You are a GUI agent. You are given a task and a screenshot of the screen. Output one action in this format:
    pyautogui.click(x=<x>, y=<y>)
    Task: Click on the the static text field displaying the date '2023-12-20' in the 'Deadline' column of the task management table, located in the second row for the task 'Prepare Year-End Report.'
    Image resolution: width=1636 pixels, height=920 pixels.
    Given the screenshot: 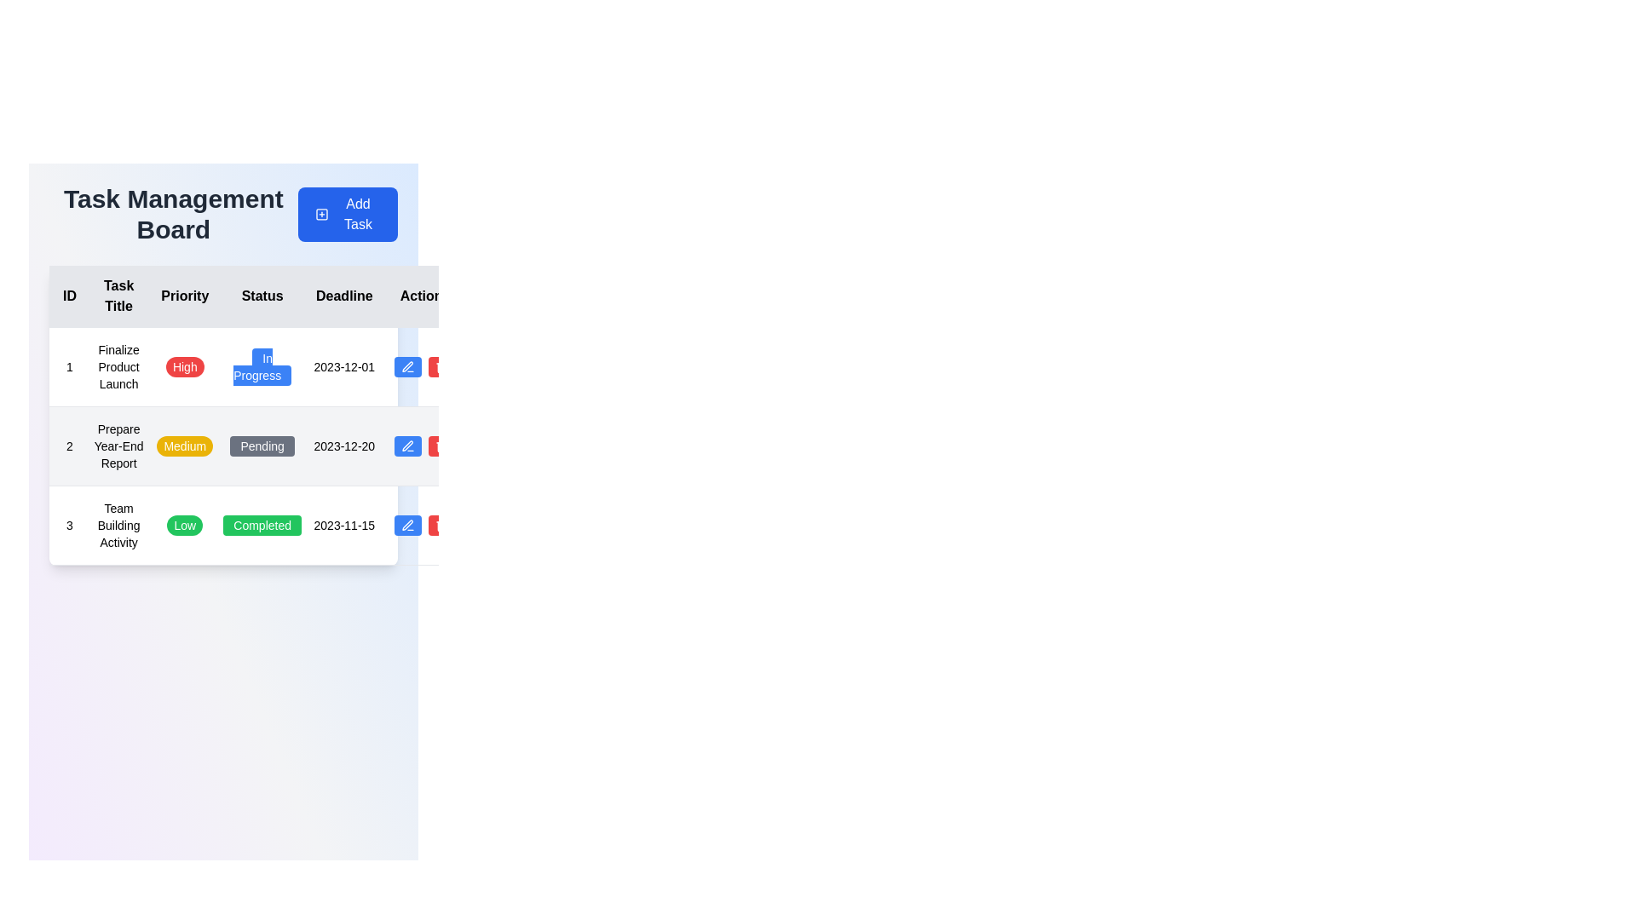 What is the action you would take?
    pyautogui.click(x=343, y=446)
    